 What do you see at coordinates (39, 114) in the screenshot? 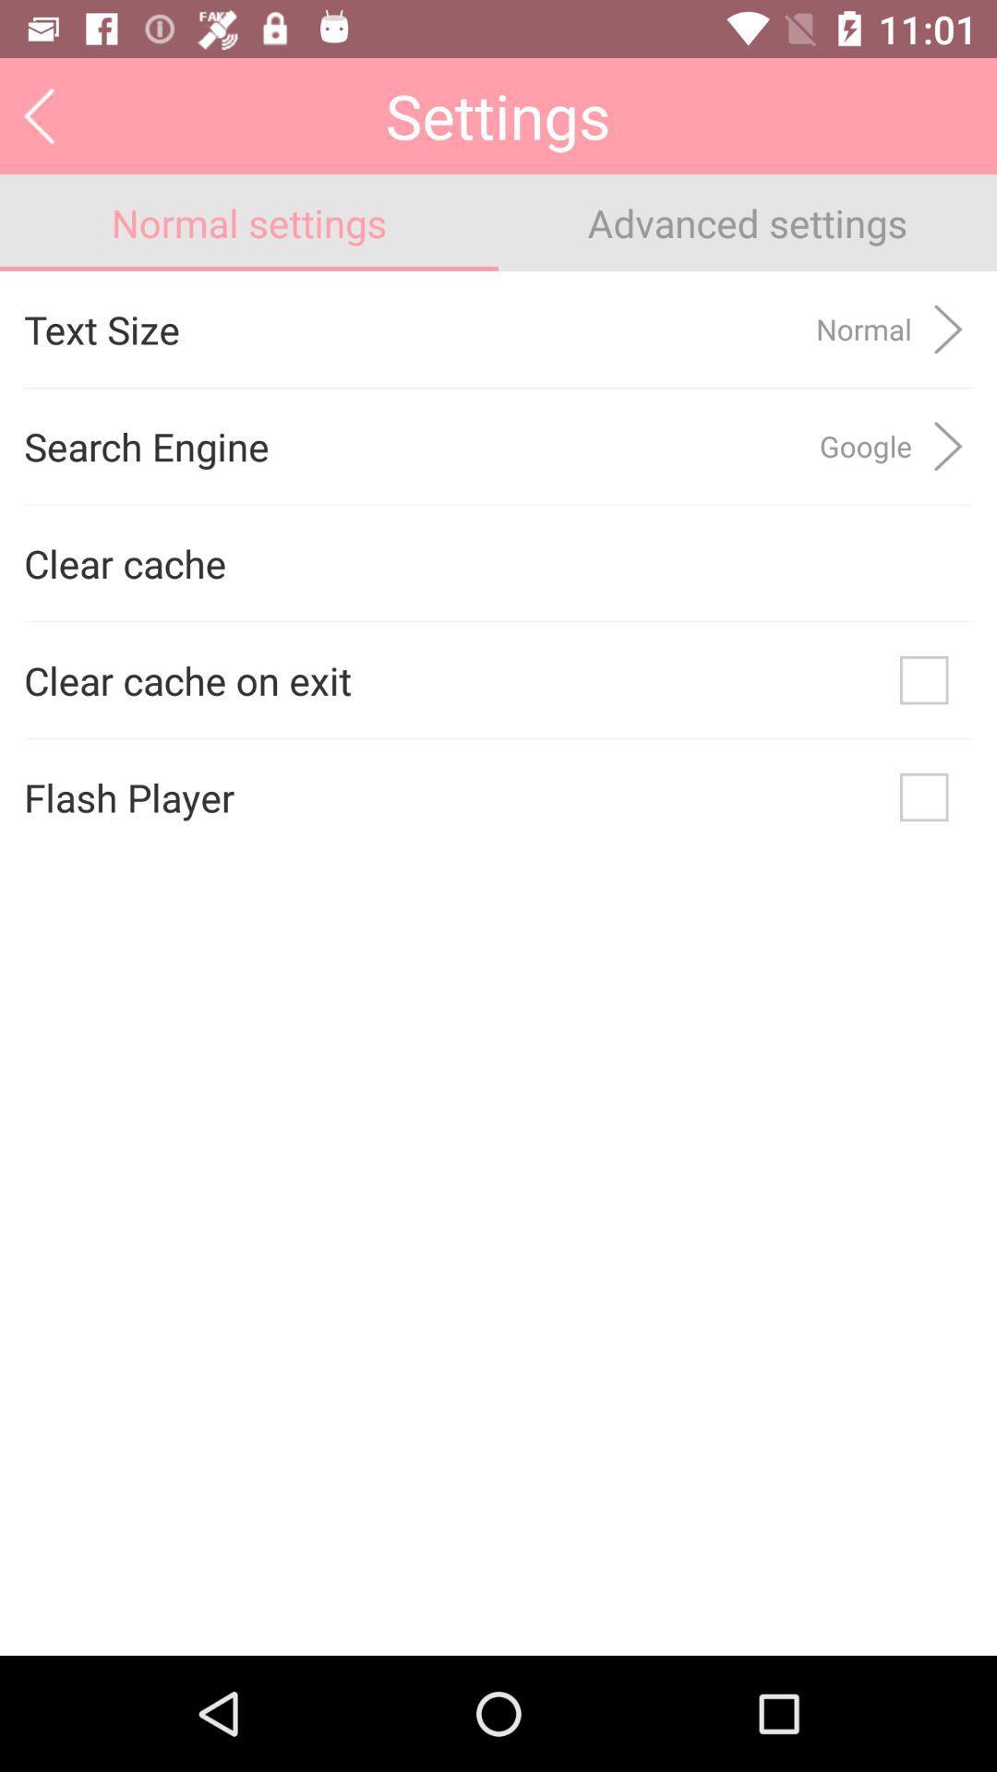
I see `the icon next to settings app` at bounding box center [39, 114].